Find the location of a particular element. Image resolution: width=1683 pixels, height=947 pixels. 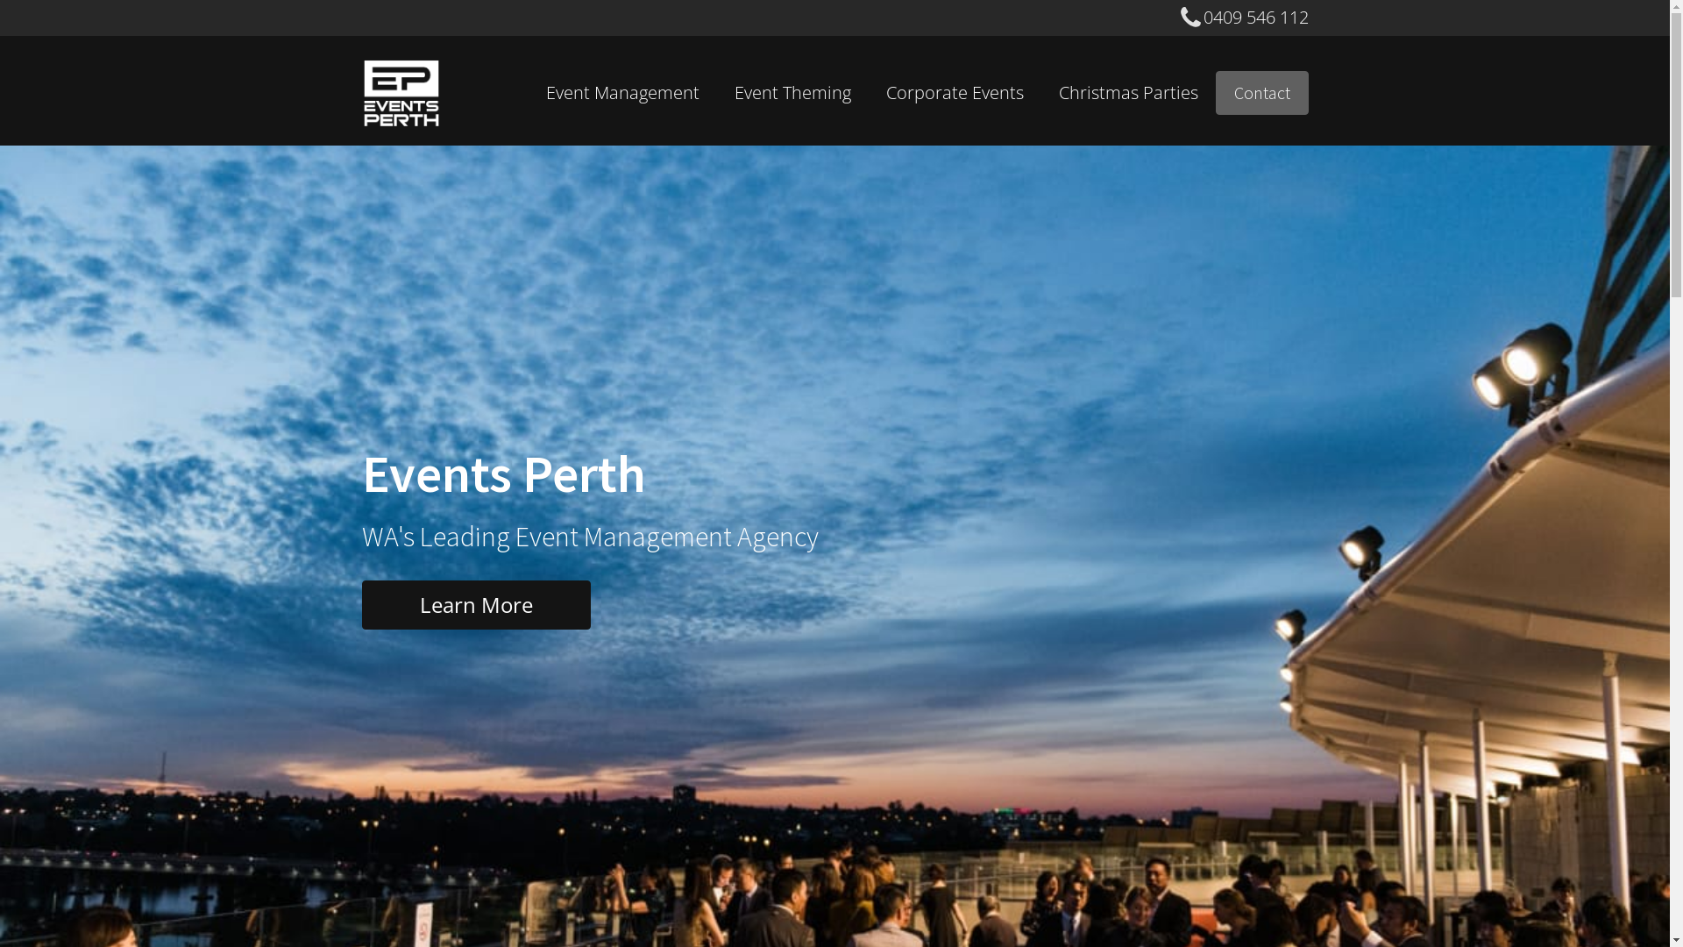

'Contact' is located at coordinates (1260, 92).